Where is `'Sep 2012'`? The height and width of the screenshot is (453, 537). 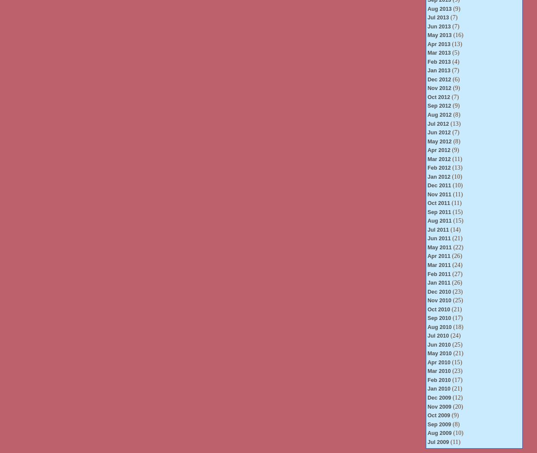
'Sep 2012' is located at coordinates (438, 105).